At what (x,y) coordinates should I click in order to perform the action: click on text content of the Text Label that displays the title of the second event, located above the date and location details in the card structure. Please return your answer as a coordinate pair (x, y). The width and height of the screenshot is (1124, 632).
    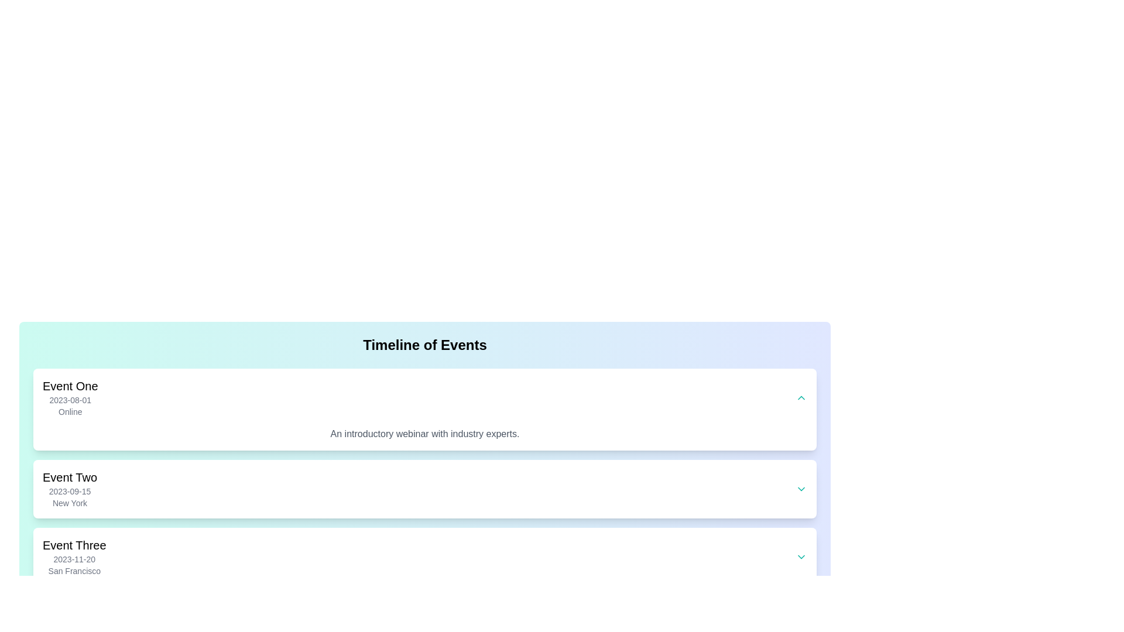
    Looking at the image, I should click on (69, 478).